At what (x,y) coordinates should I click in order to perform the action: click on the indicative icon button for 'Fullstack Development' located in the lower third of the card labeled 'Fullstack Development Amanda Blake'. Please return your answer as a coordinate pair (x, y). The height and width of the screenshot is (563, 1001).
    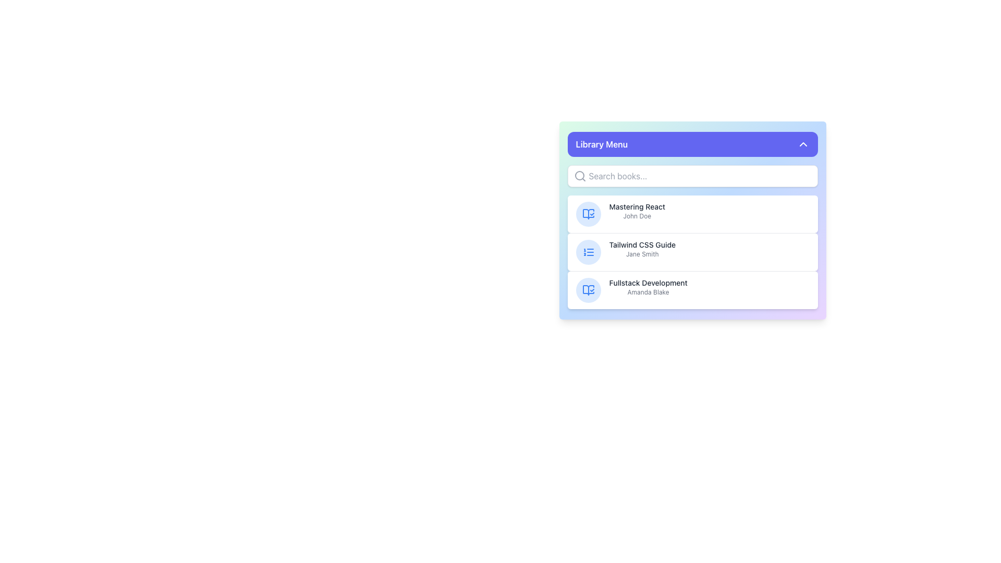
    Looking at the image, I should click on (588, 290).